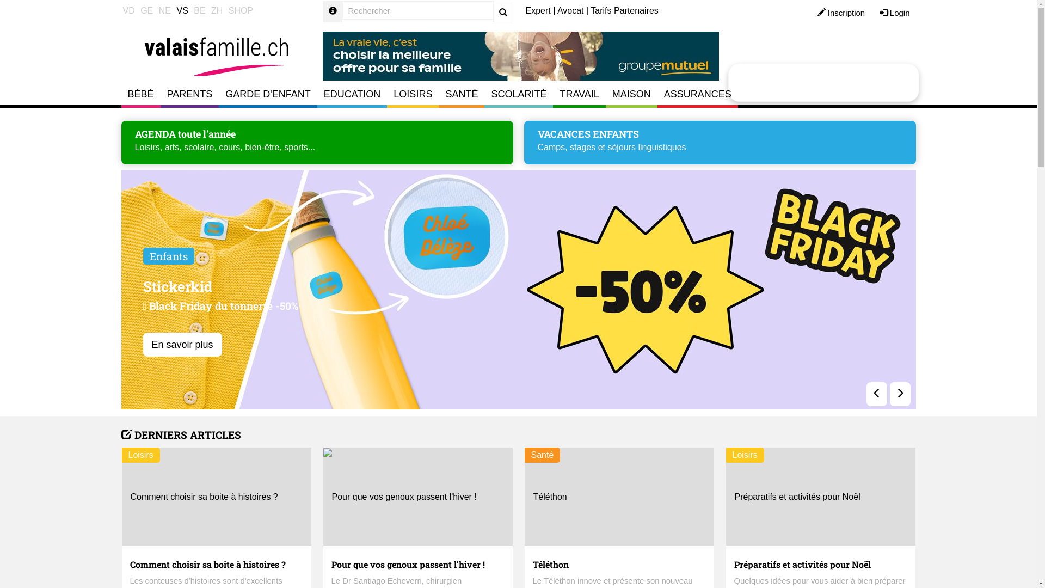  What do you see at coordinates (142, 51) in the screenshot?
I see `'Accueil Valais Famillle'` at bounding box center [142, 51].